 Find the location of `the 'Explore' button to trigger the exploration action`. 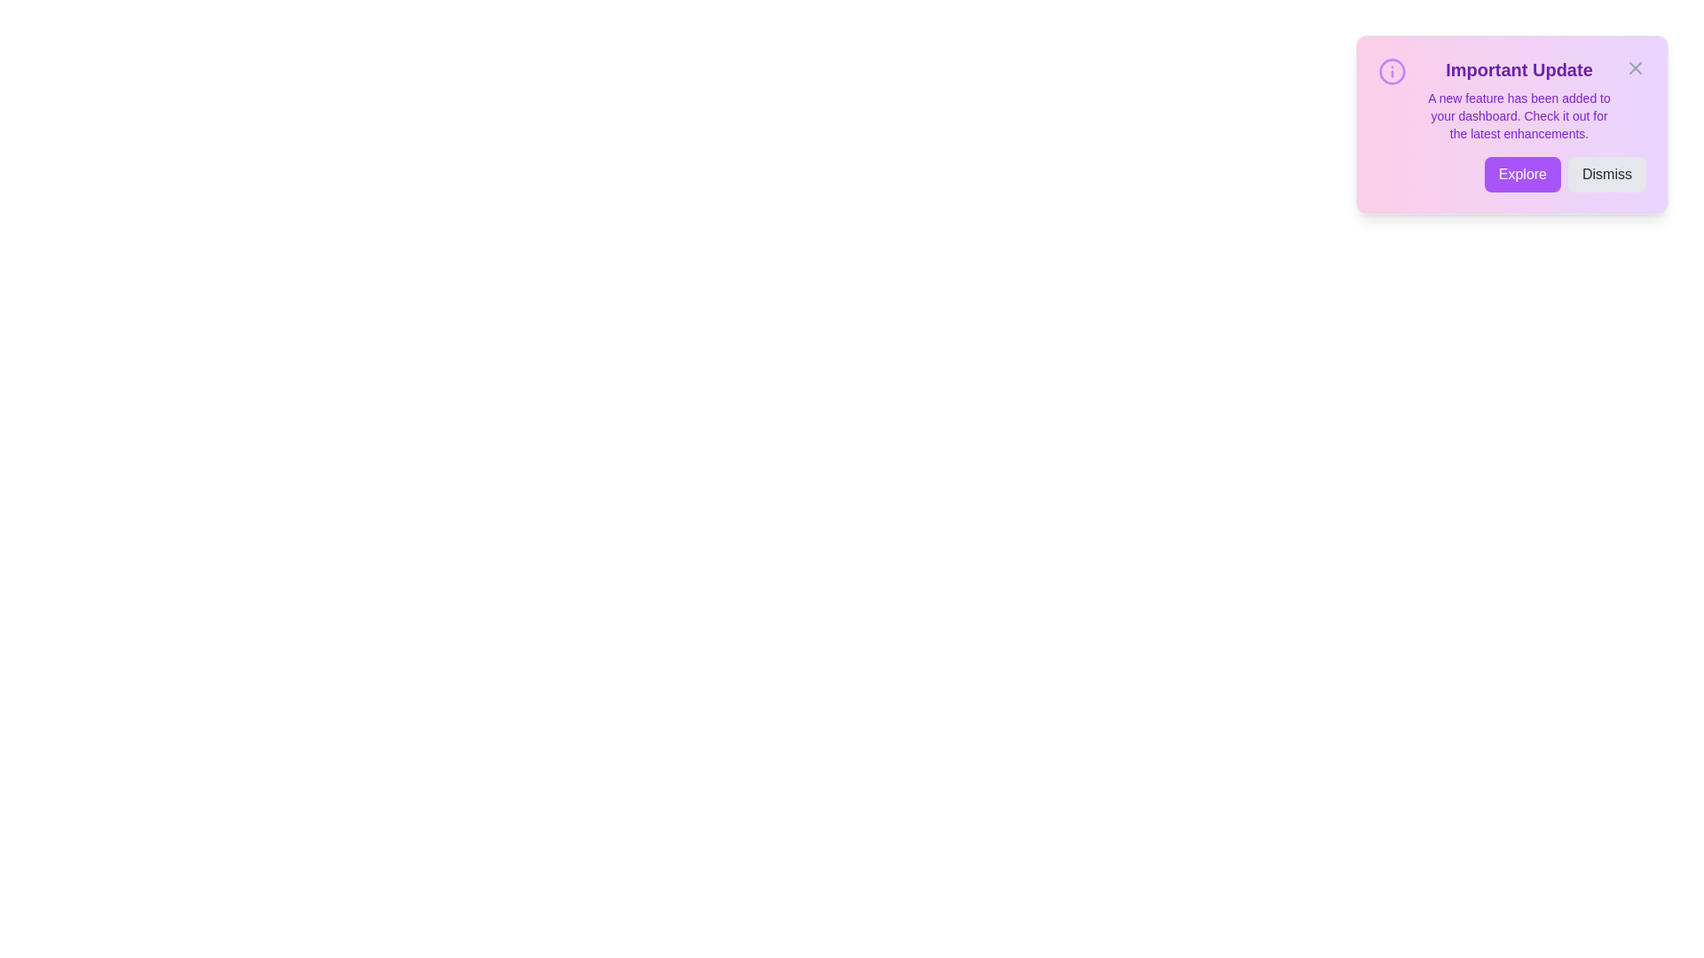

the 'Explore' button to trigger the exploration action is located at coordinates (1521, 174).